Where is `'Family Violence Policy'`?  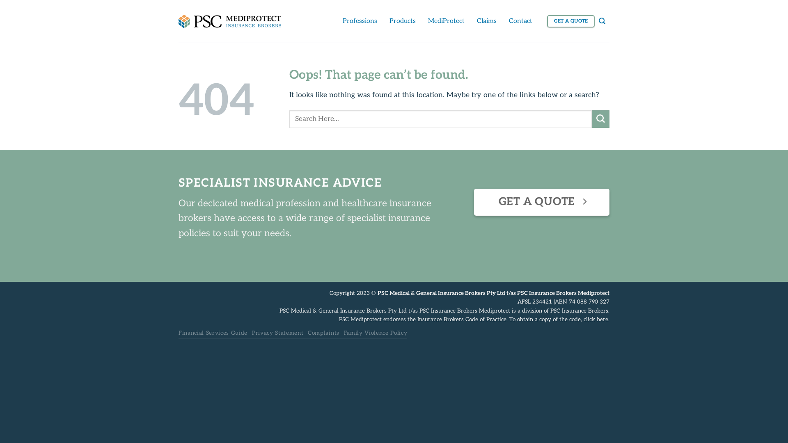
'Family Violence Policy' is located at coordinates (375, 333).